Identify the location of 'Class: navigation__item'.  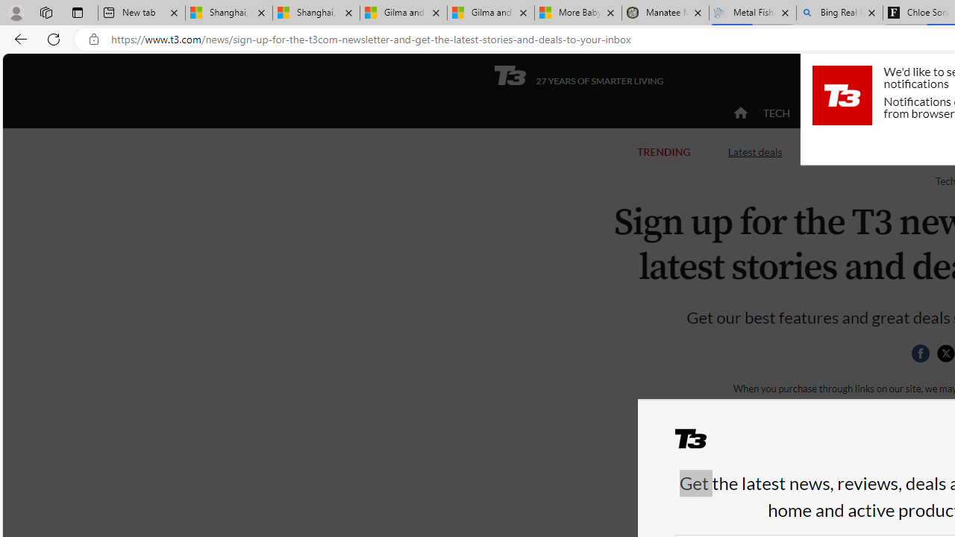
(739, 112).